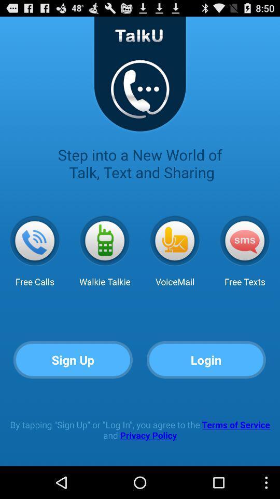 This screenshot has height=499, width=280. I want to click on login item, so click(206, 360).